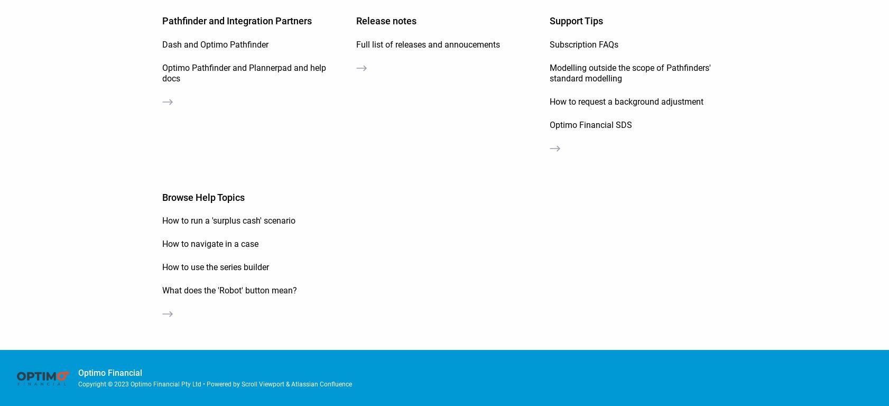 This screenshot has width=889, height=406. Describe the element at coordinates (626, 101) in the screenshot. I see `'How to request a background adjustment'` at that location.